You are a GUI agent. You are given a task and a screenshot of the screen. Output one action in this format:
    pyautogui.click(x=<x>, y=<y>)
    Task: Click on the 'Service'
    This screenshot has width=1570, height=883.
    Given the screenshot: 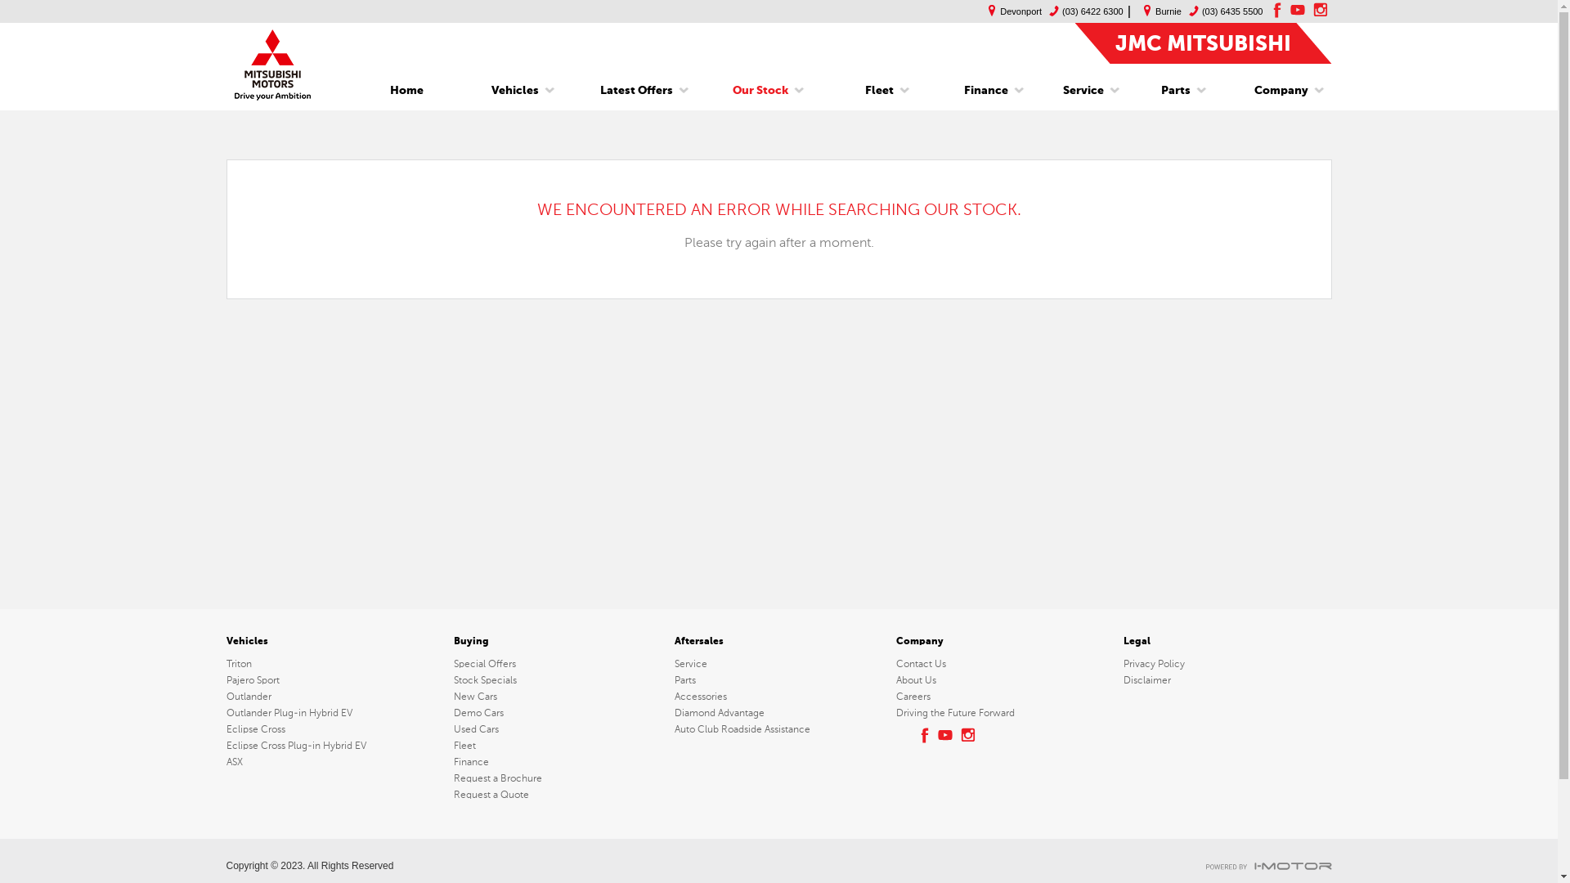 What is the action you would take?
    pyautogui.click(x=675, y=664)
    